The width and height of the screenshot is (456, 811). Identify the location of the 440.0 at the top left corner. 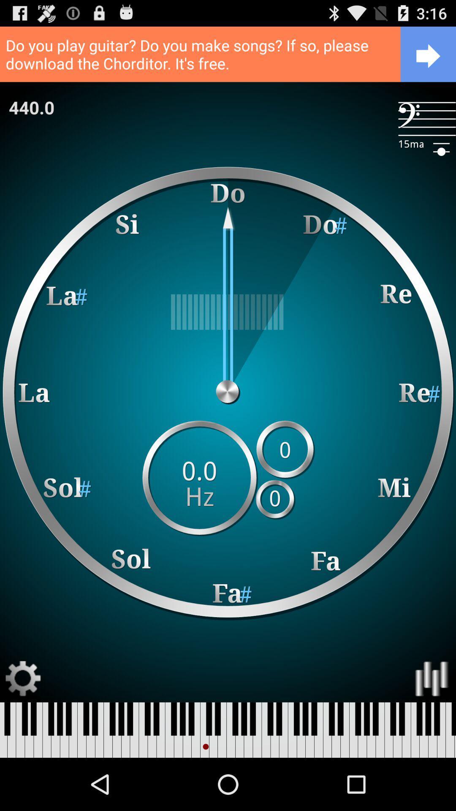
(31, 107).